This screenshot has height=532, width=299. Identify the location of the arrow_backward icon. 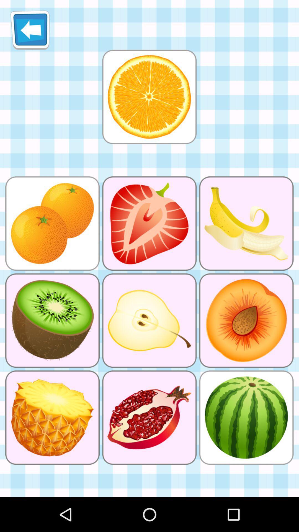
(30, 32).